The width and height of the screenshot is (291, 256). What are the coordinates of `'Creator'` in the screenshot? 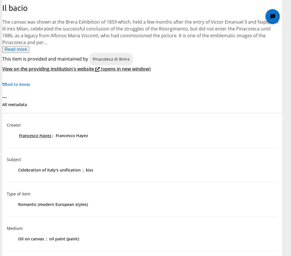 It's located at (14, 125).